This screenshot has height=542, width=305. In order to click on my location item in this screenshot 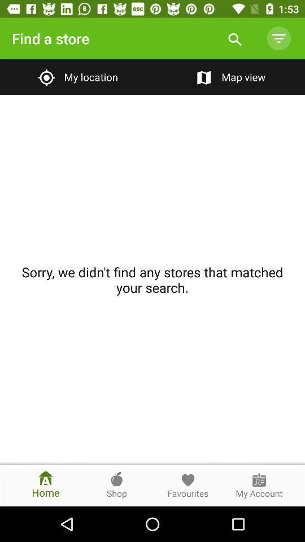, I will do `click(76, 76)`.